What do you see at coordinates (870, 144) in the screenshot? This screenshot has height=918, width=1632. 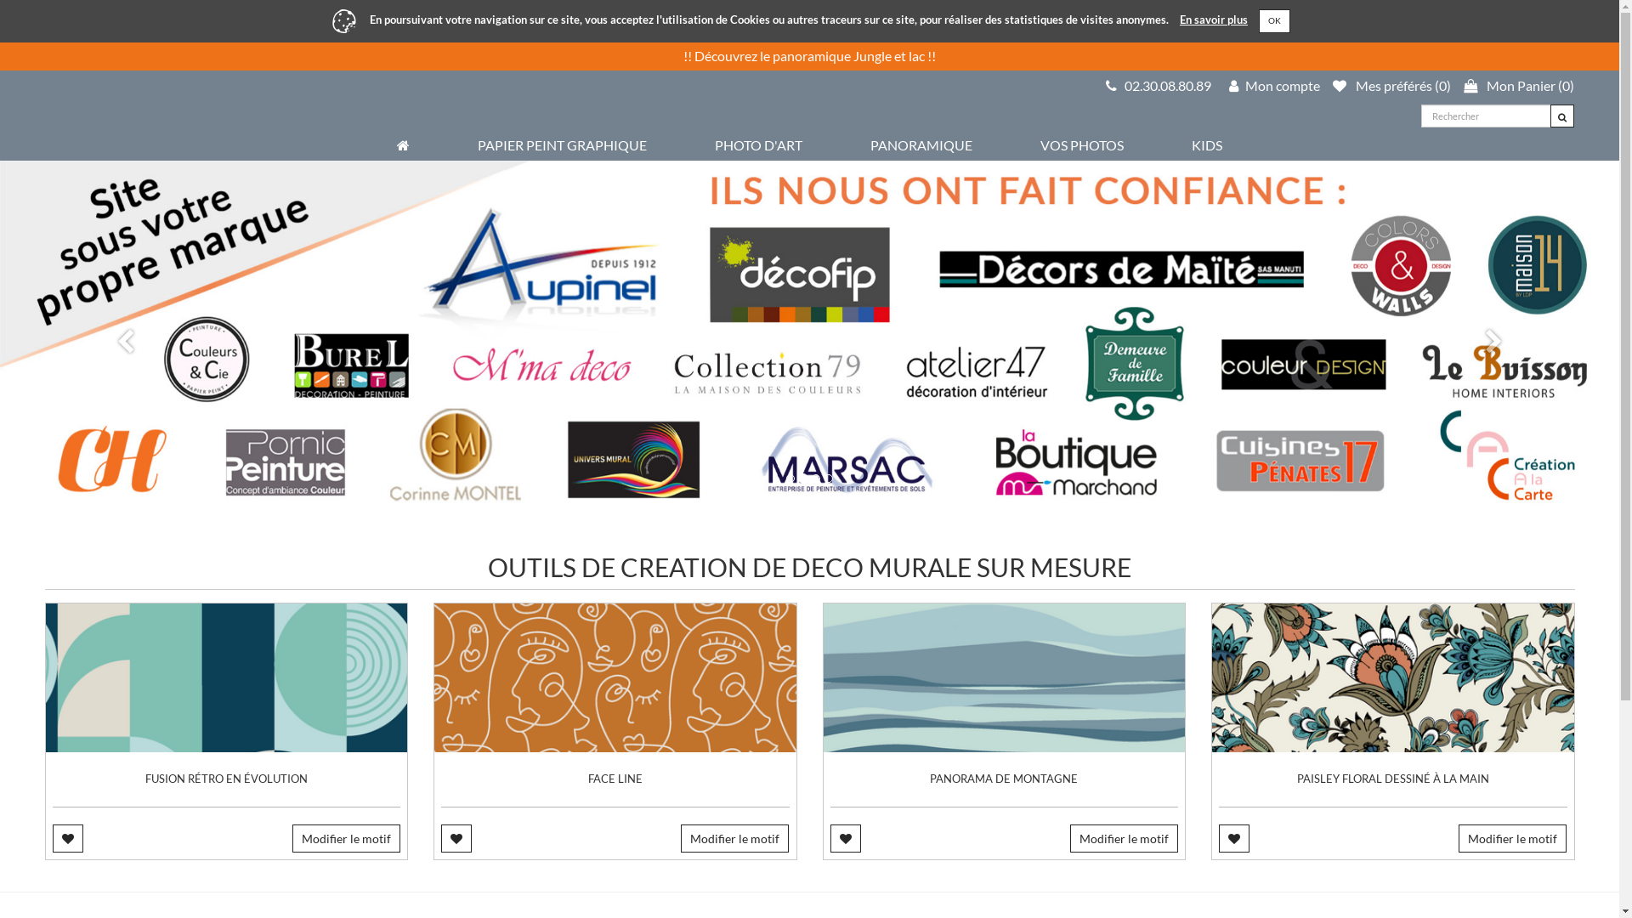 I see `'PANORAMIQUE'` at bounding box center [870, 144].